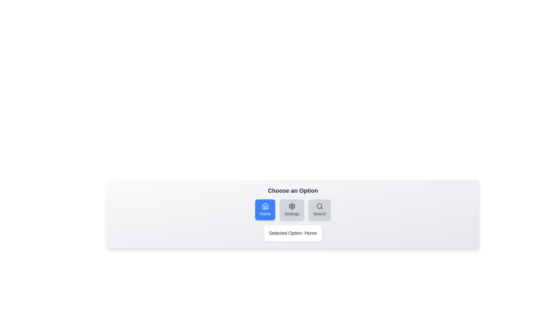 The height and width of the screenshot is (313, 558). I want to click on the option Home by clicking on its corresponding button, so click(265, 210).